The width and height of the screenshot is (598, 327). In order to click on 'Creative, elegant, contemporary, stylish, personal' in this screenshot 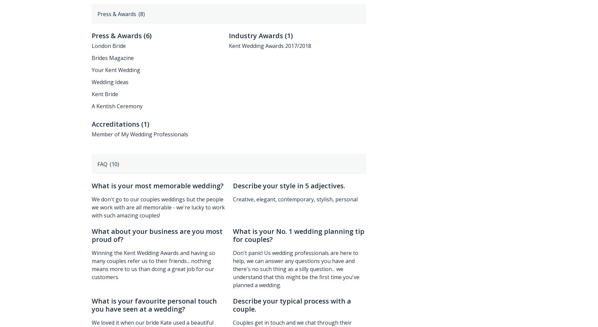, I will do `click(295, 199)`.